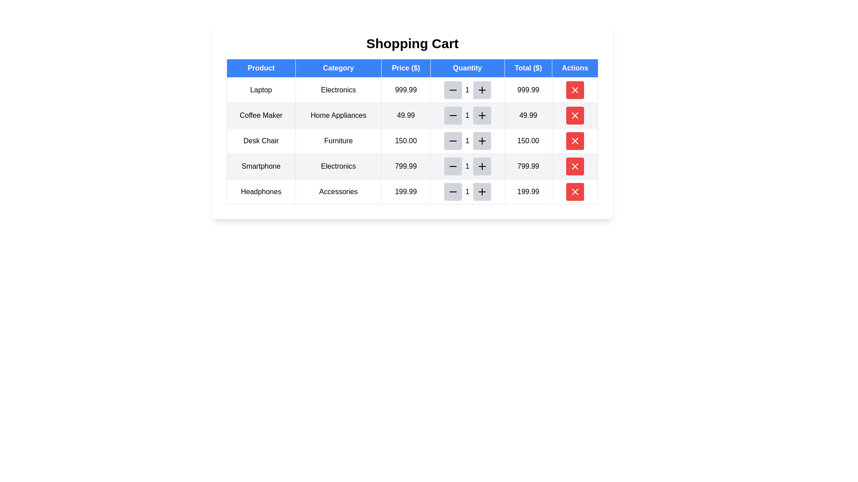 The height and width of the screenshot is (482, 858). Describe the element at coordinates (467, 141) in the screenshot. I see `text content of the numeric display showing the value '1' in the 'Quantity' column for 'Desk Chair' within the shopping cart table` at that location.